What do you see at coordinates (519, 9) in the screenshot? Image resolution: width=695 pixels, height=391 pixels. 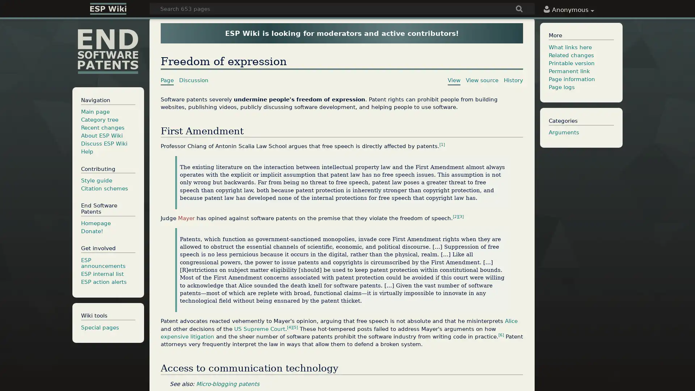 I see `Go` at bounding box center [519, 9].